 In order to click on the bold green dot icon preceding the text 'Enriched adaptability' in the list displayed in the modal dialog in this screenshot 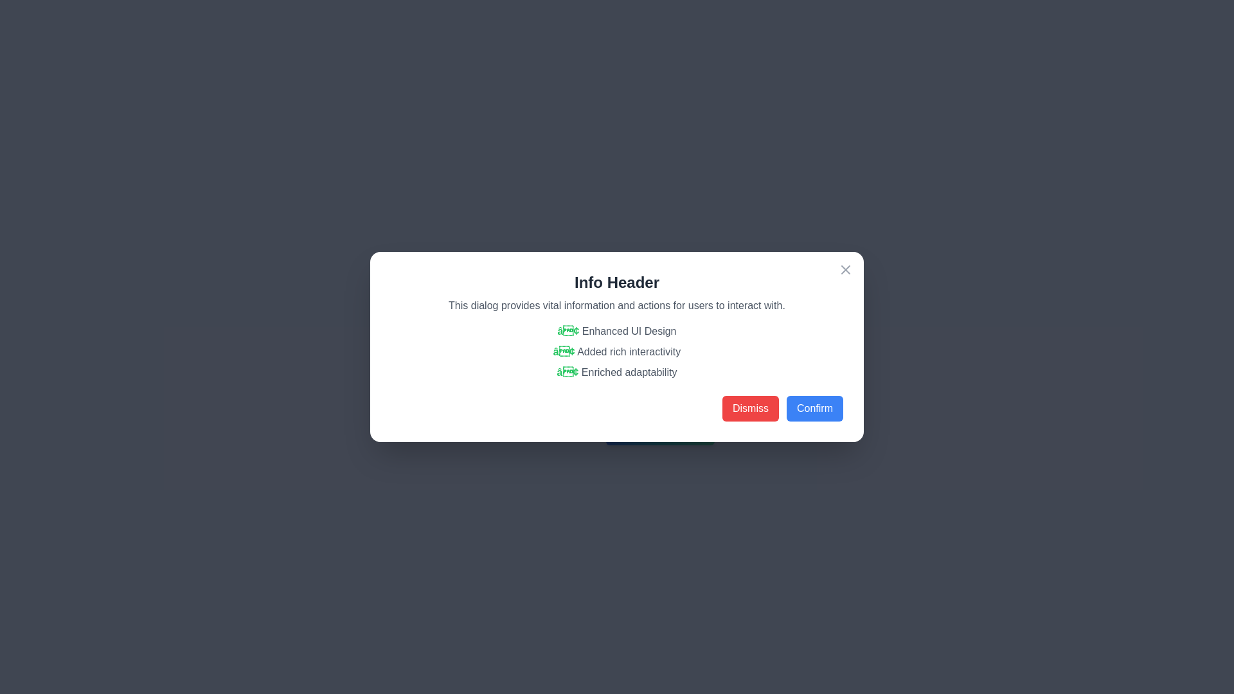, I will do `click(567, 372)`.